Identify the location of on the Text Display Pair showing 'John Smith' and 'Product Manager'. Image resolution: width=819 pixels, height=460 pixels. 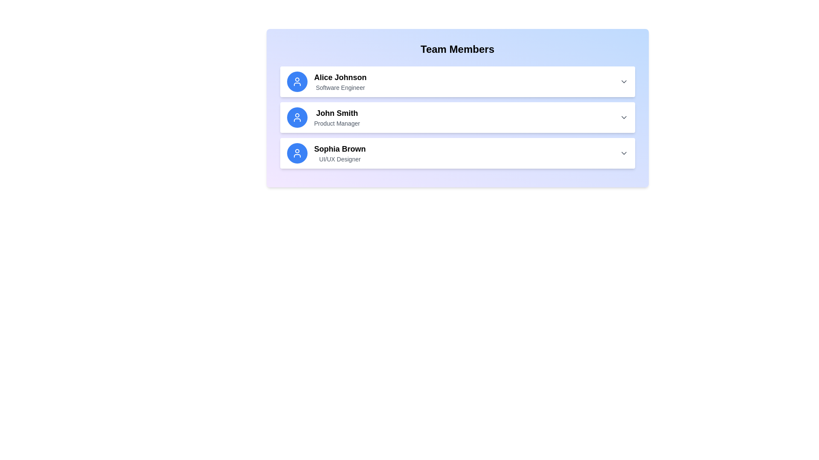
(337, 118).